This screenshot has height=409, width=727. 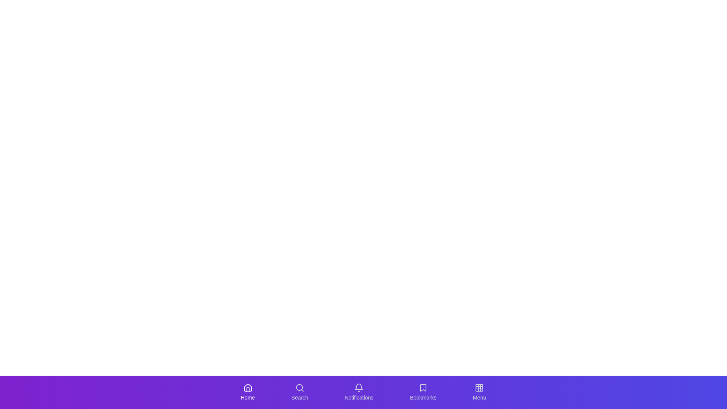 What do you see at coordinates (479, 392) in the screenshot?
I see `the Menu tab in the navigation bar` at bounding box center [479, 392].